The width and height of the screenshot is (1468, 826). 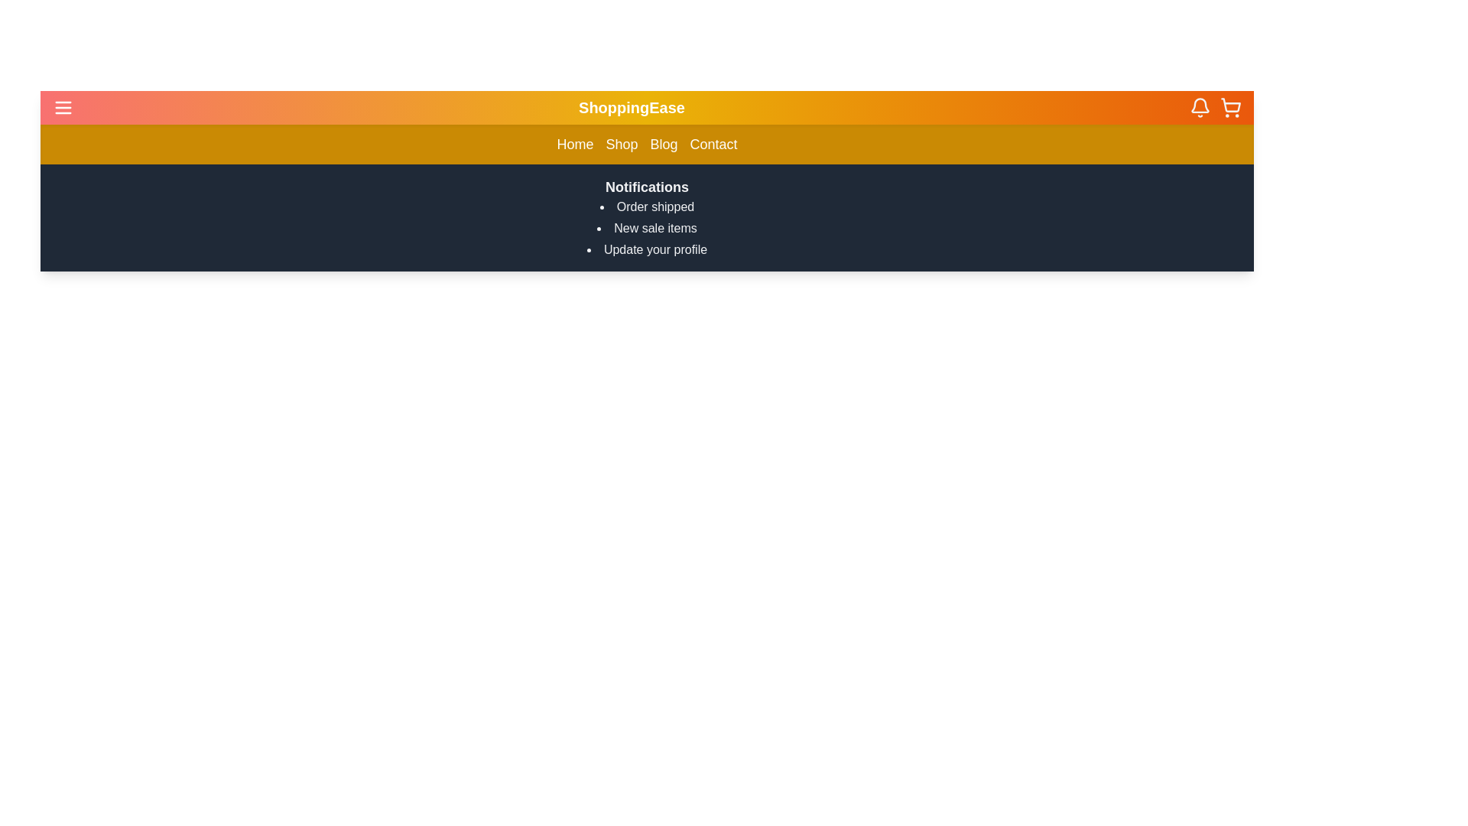 I want to click on the Navigation bar to access options like 'Home', 'Shop', 'Blog', and 'Contact', so click(x=647, y=145).